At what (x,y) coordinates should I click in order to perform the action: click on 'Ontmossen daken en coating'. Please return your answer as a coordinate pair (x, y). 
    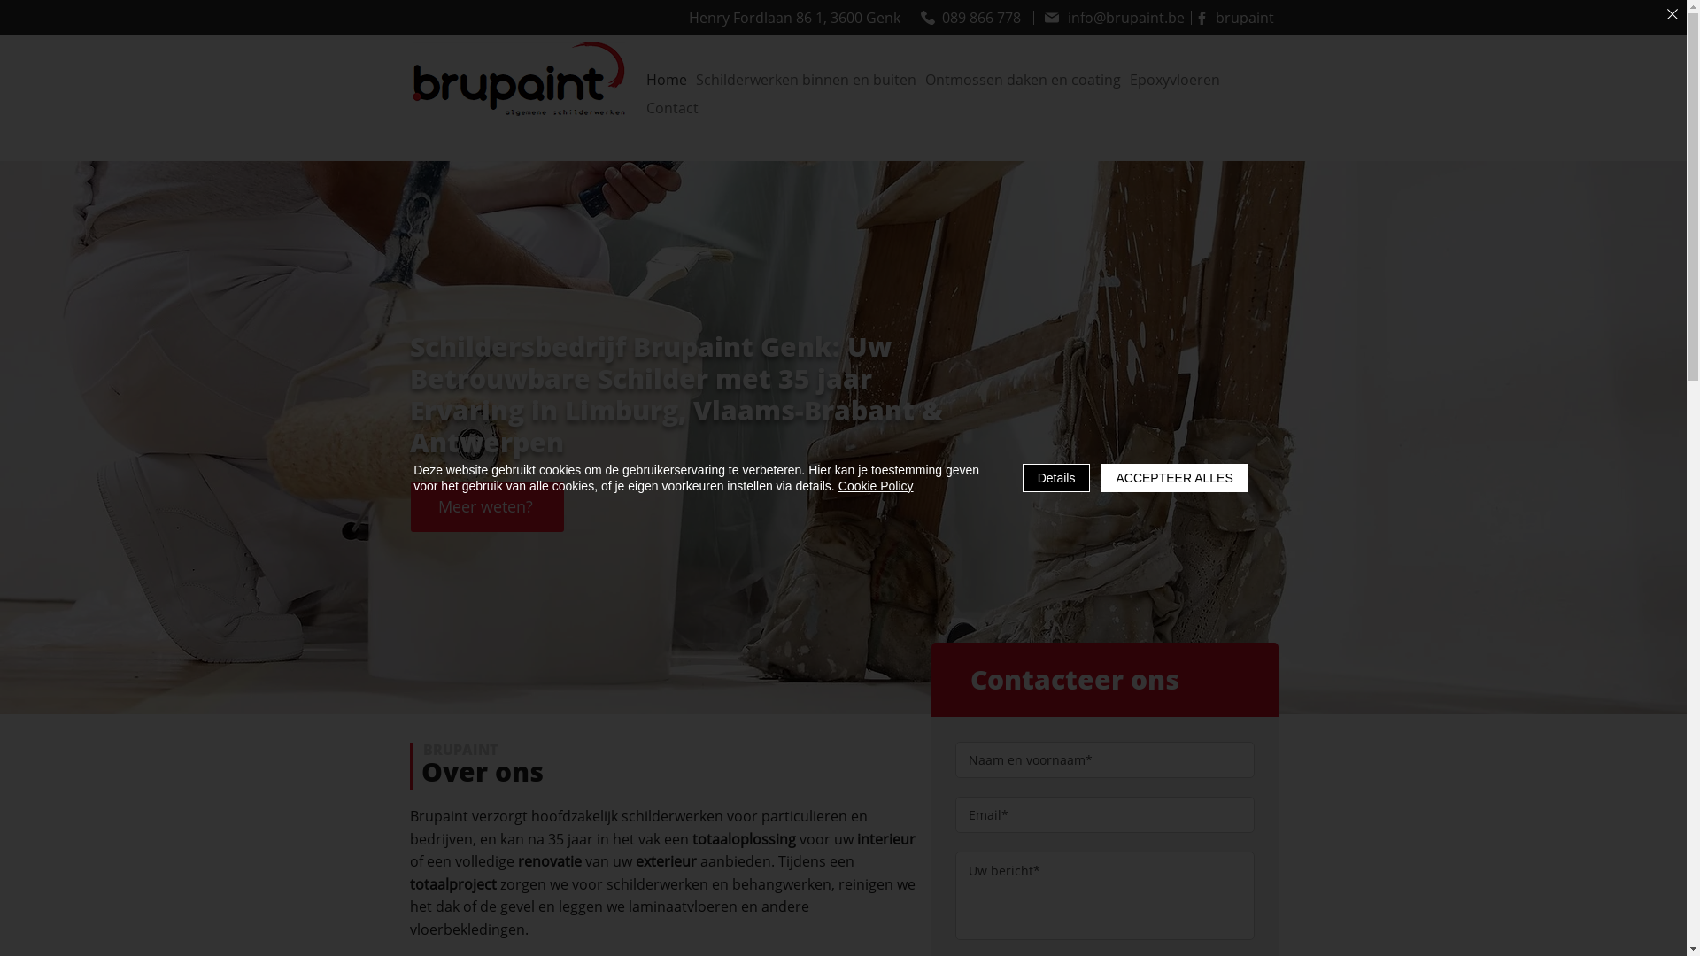
    Looking at the image, I should click on (1022, 78).